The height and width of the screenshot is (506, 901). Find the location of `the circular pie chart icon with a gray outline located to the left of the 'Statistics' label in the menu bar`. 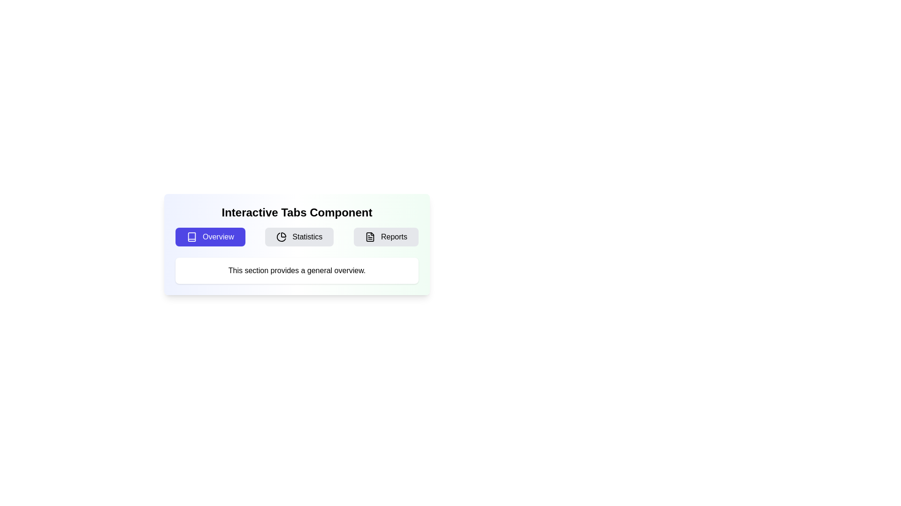

the circular pie chart icon with a gray outline located to the left of the 'Statistics' label in the menu bar is located at coordinates (281, 236).